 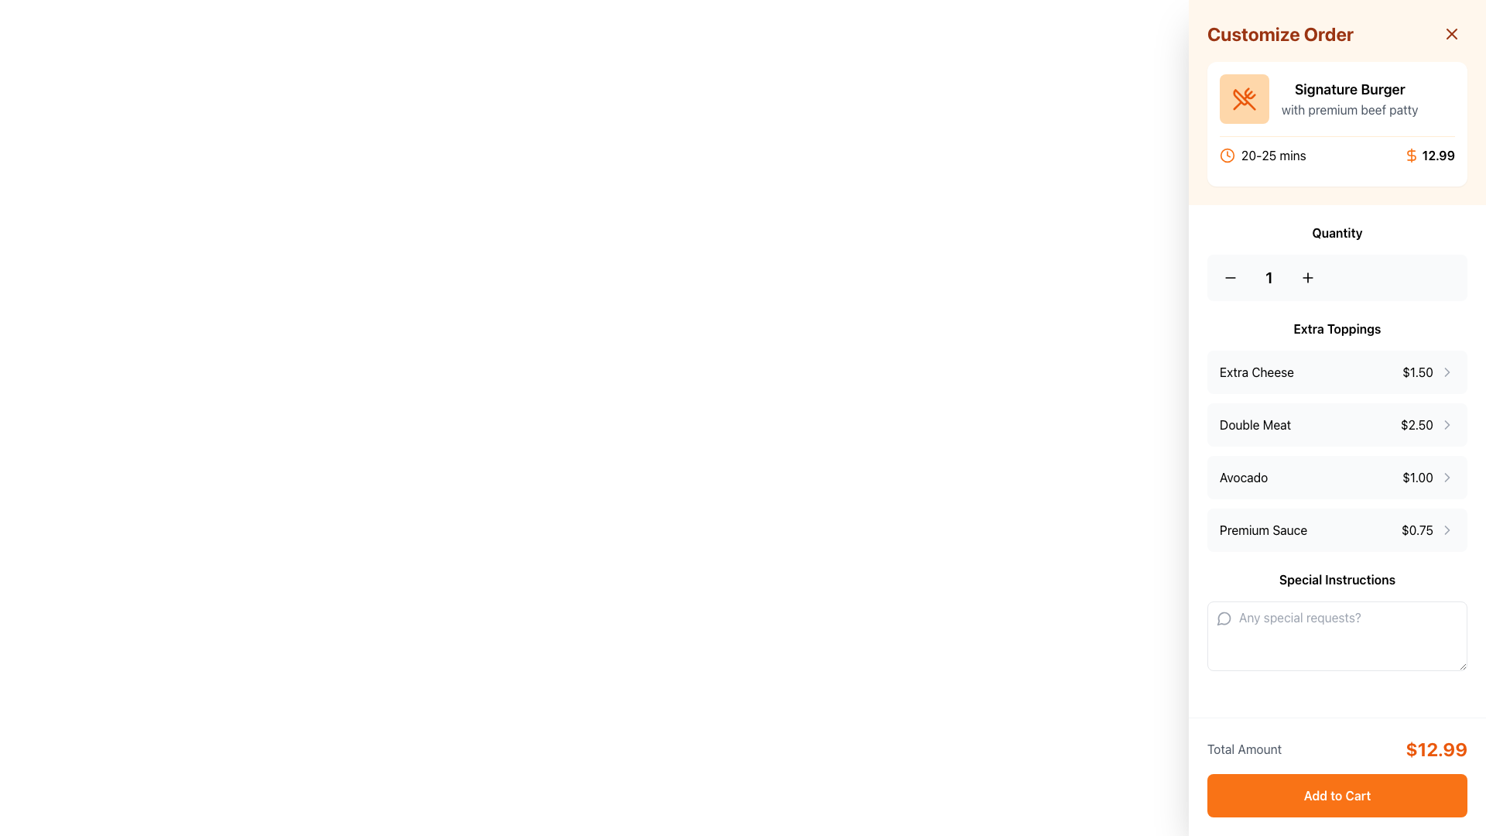 What do you see at coordinates (1306, 276) in the screenshot?
I see `the circular '+' button located in the 'Customize Order' panel to visualize its hover effect` at bounding box center [1306, 276].